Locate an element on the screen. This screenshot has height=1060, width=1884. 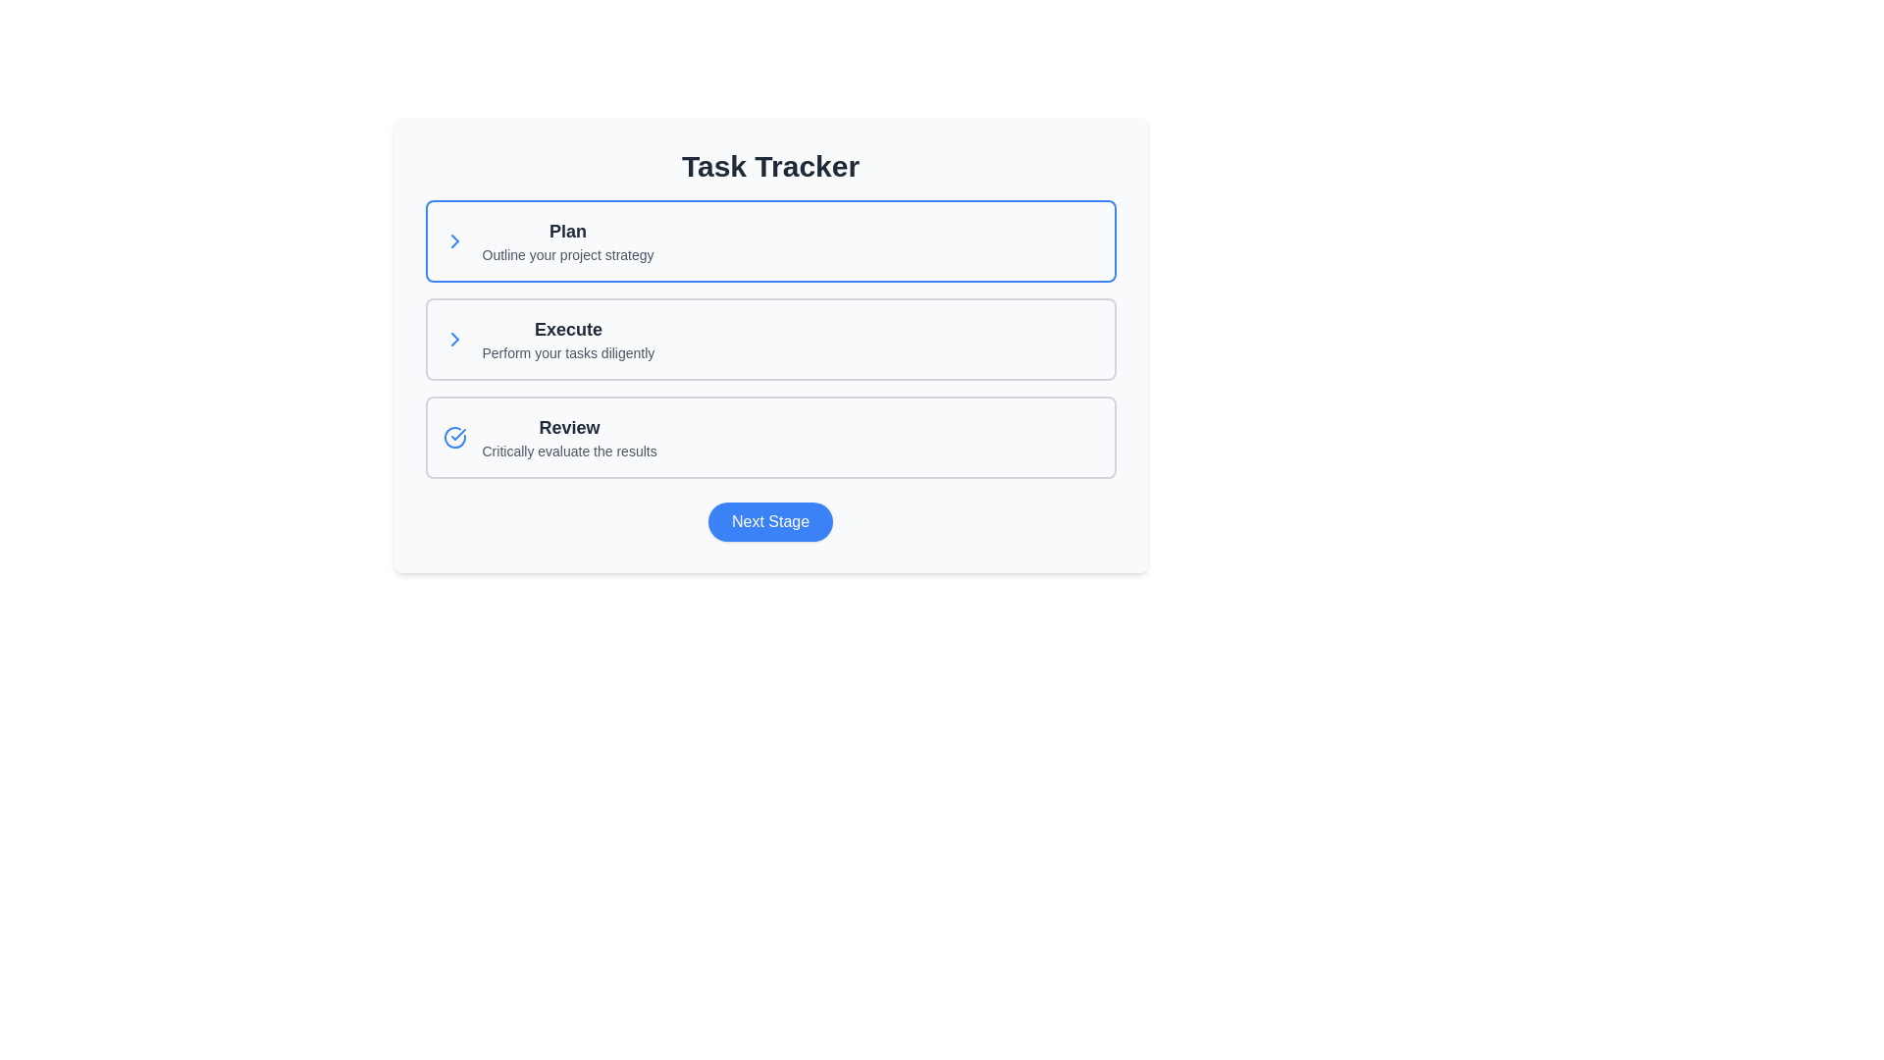
the header text content for the 'Plan' section located in the top card of the Task Tracker, which is positioned next to the blue arrow icon is located at coordinates (567, 240).